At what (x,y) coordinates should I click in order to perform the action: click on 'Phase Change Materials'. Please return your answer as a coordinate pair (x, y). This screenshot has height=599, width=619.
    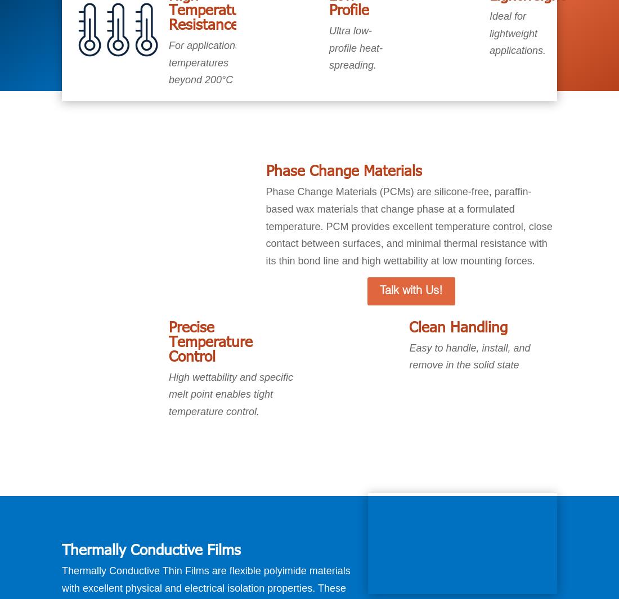
    Looking at the image, I should click on (343, 169).